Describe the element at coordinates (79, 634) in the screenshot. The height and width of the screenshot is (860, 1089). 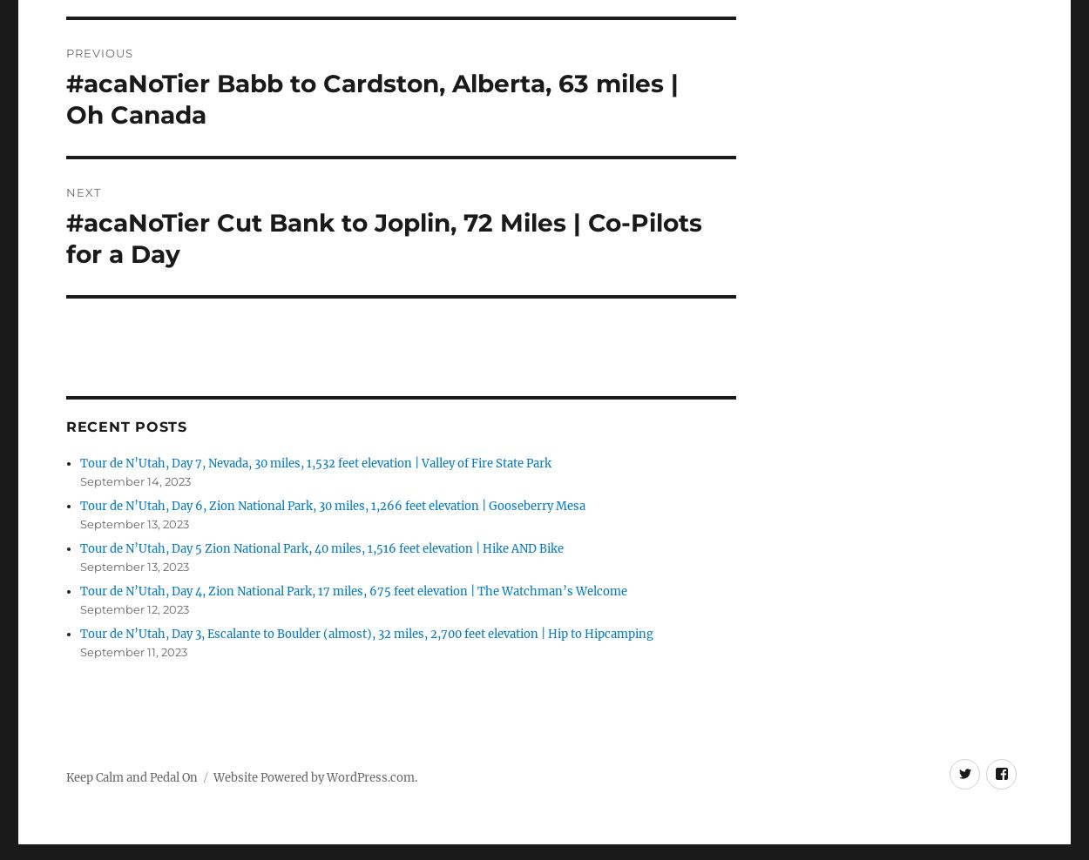
I see `'Tour de N’Utah, Day 3, Escalante to Boulder (almost), 32 miles, 2,700 feet elevation | Hip to Hipcamping'` at that location.